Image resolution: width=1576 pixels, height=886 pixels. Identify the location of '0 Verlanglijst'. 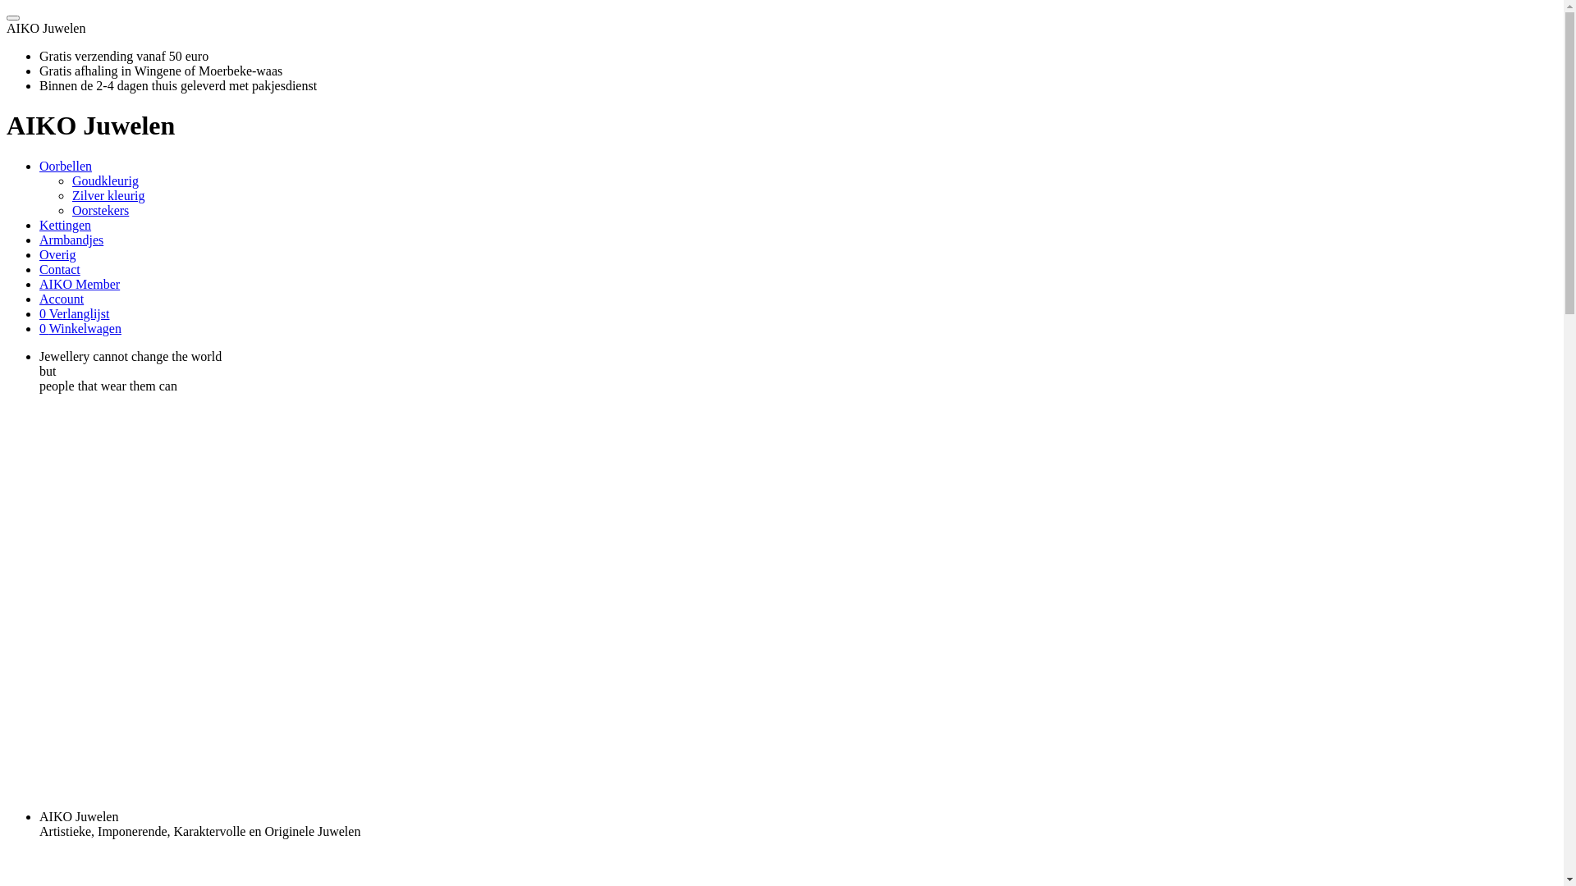
(73, 313).